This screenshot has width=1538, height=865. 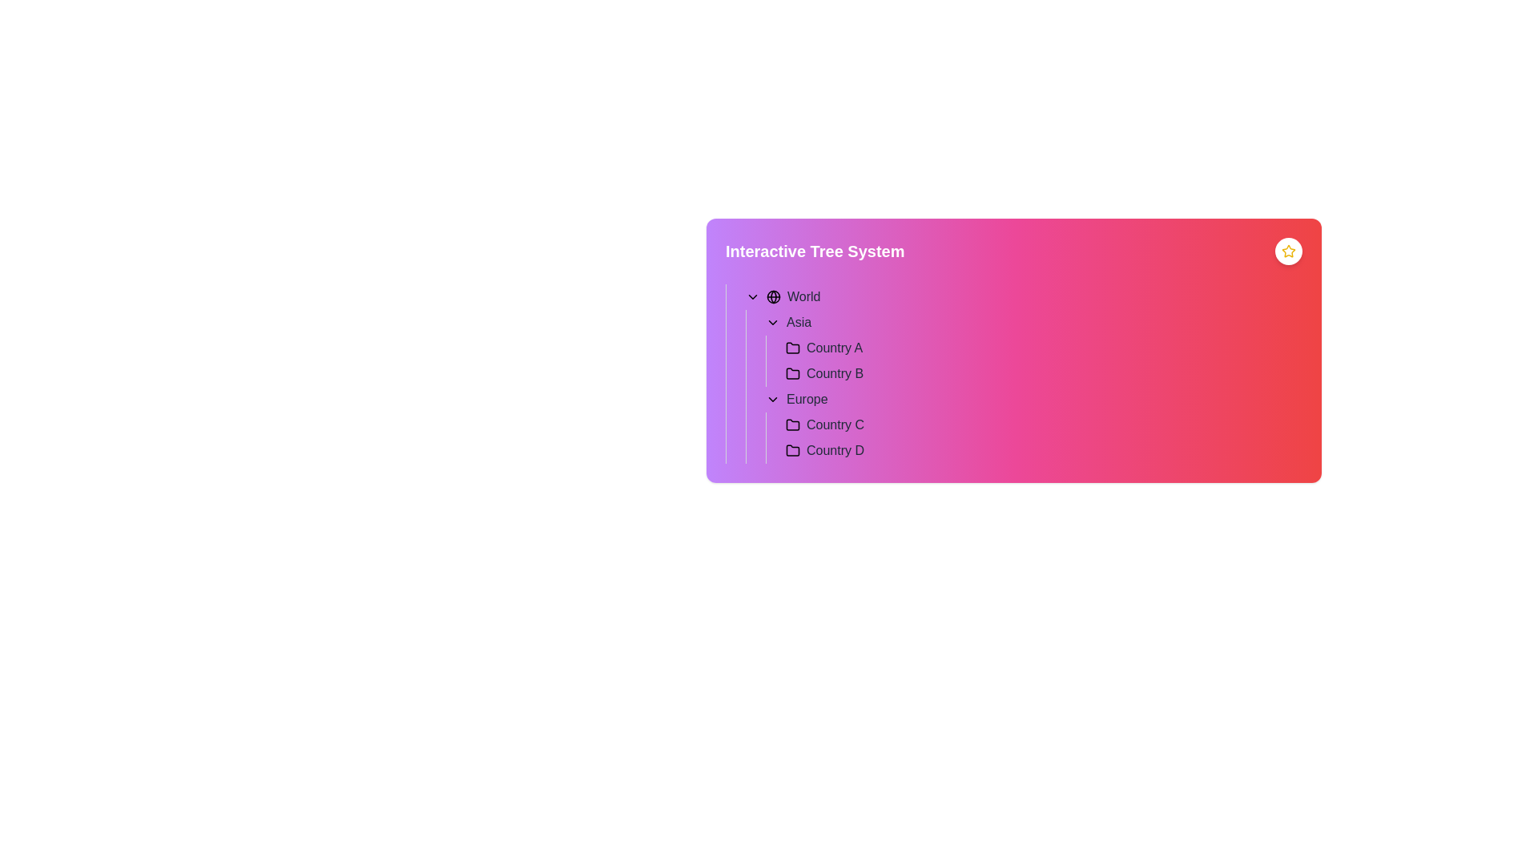 What do you see at coordinates (1288, 251) in the screenshot?
I see `the star icon located at the top-right corner of the gradient-colored panel to favorite or highlight the item` at bounding box center [1288, 251].